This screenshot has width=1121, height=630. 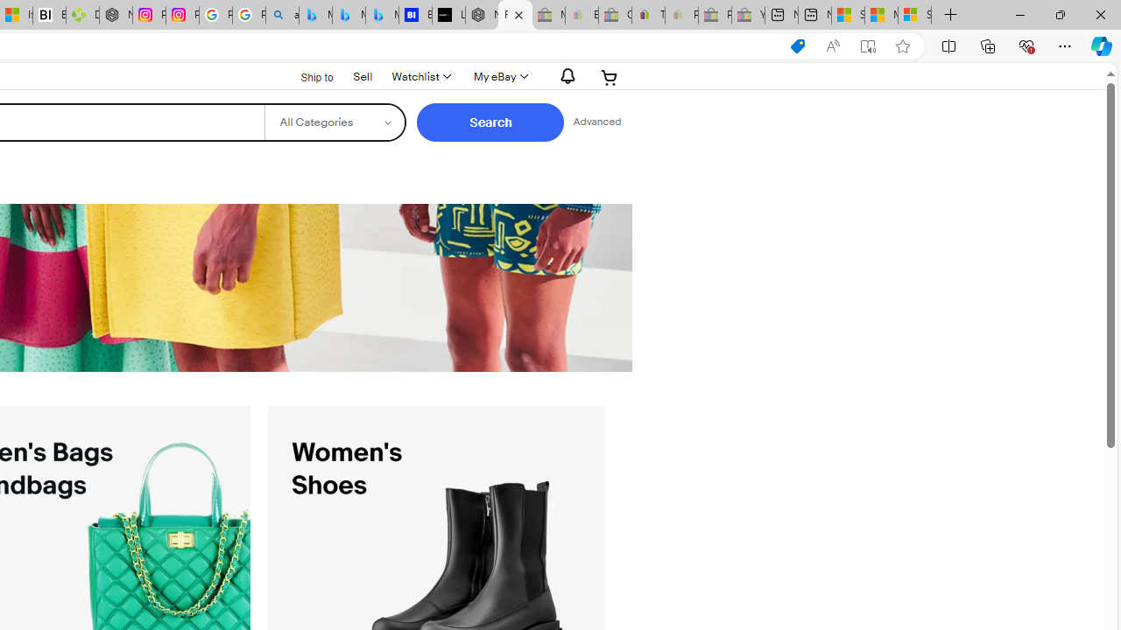 What do you see at coordinates (420, 76) in the screenshot?
I see `'Watchlist'` at bounding box center [420, 76].